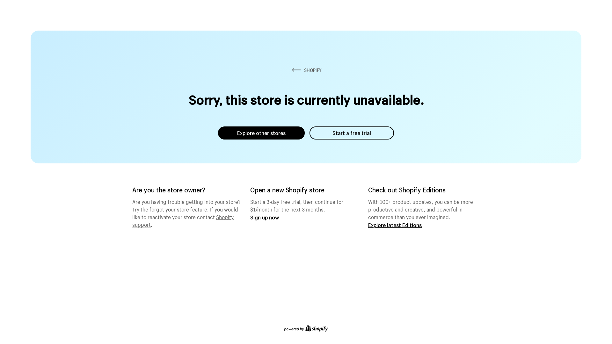 This screenshot has height=344, width=612. What do you see at coordinates (169, 209) in the screenshot?
I see `'forgot your store'` at bounding box center [169, 209].